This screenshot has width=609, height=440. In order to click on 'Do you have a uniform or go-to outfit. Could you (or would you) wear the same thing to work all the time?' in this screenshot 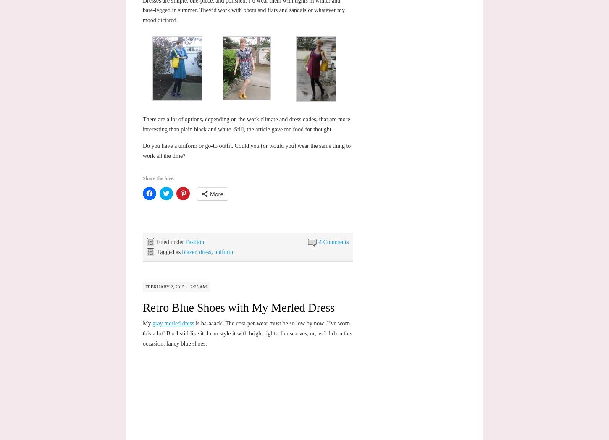, I will do `click(246, 150)`.